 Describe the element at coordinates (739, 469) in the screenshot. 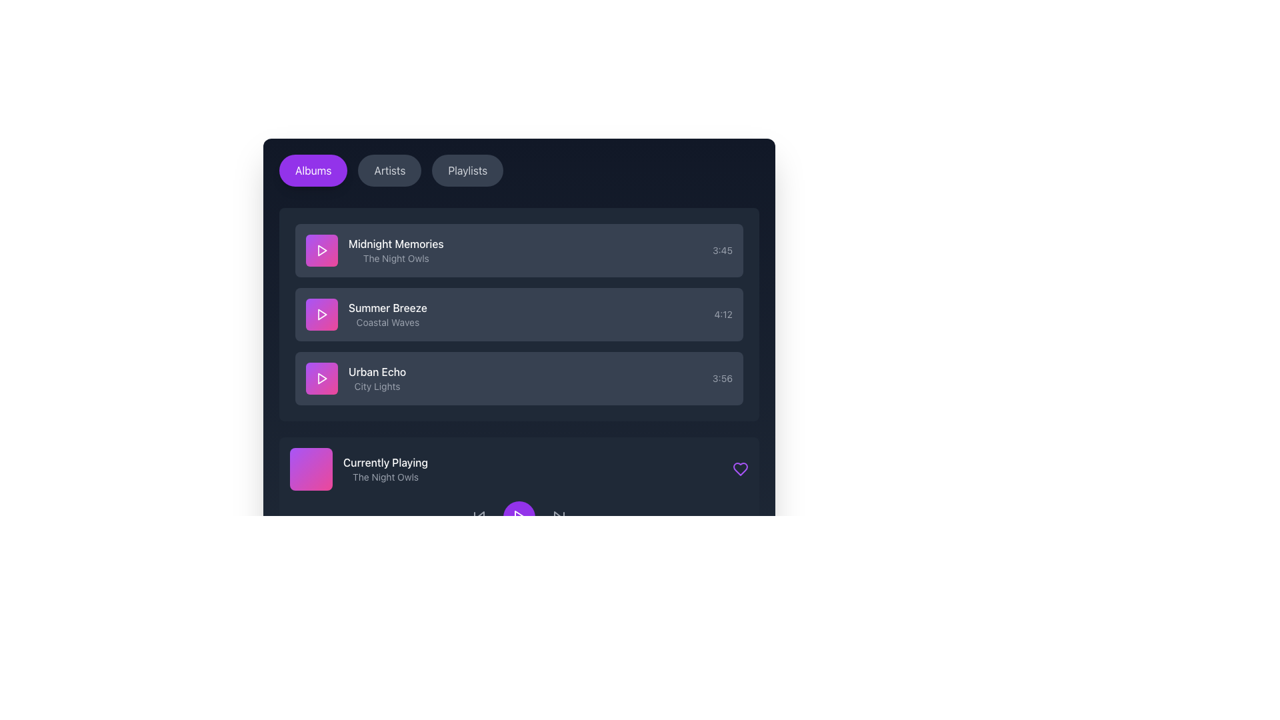

I see `the heart-shaped icon with a purple outline located to the right of 'The Night Owls' text` at that location.